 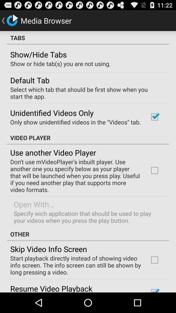 What do you see at coordinates (75, 265) in the screenshot?
I see `the icon below skip video info item` at bounding box center [75, 265].